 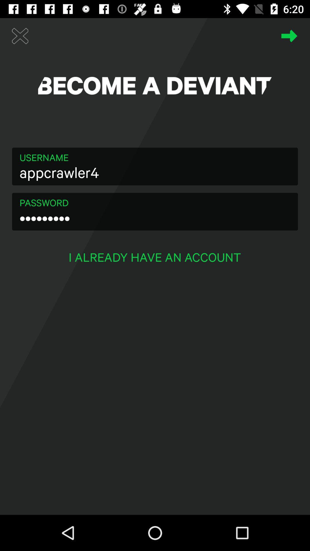 What do you see at coordinates (289, 36) in the screenshot?
I see `the arrow_forward icon` at bounding box center [289, 36].